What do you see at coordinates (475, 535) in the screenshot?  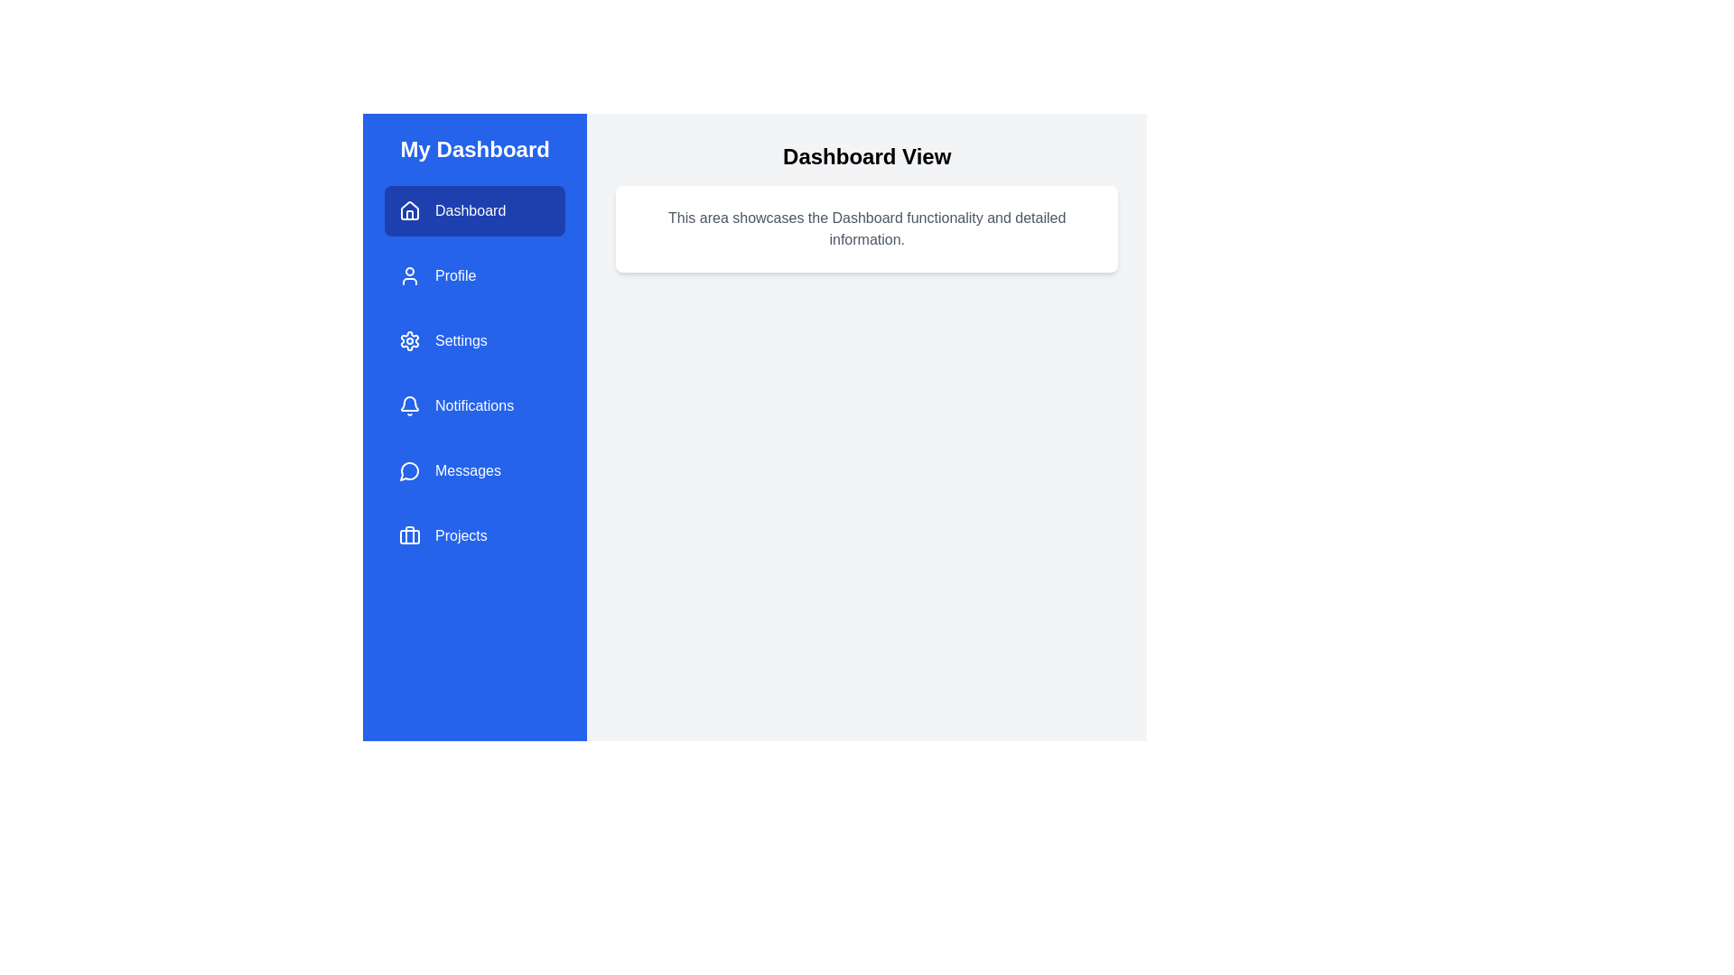 I see `the menu item Projects to navigate to its corresponding section` at bounding box center [475, 535].